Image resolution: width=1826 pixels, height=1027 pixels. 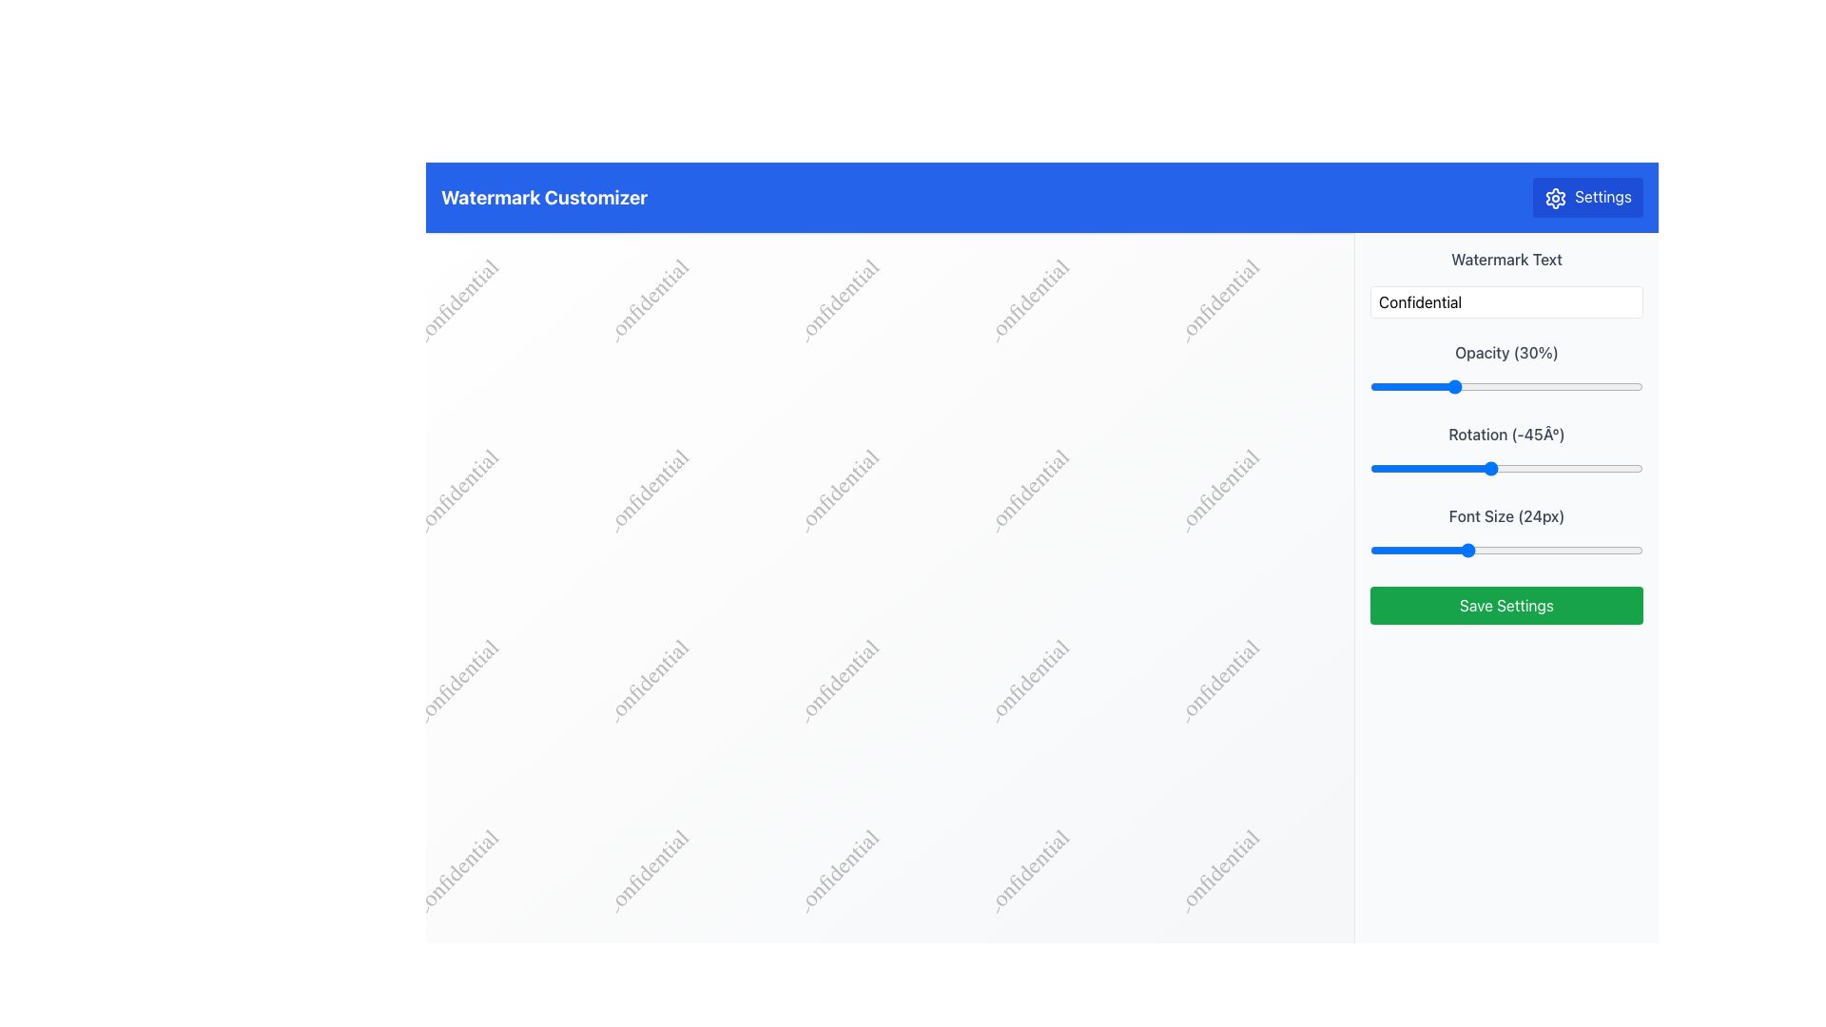 What do you see at coordinates (1369, 385) in the screenshot?
I see `opacity` at bounding box center [1369, 385].